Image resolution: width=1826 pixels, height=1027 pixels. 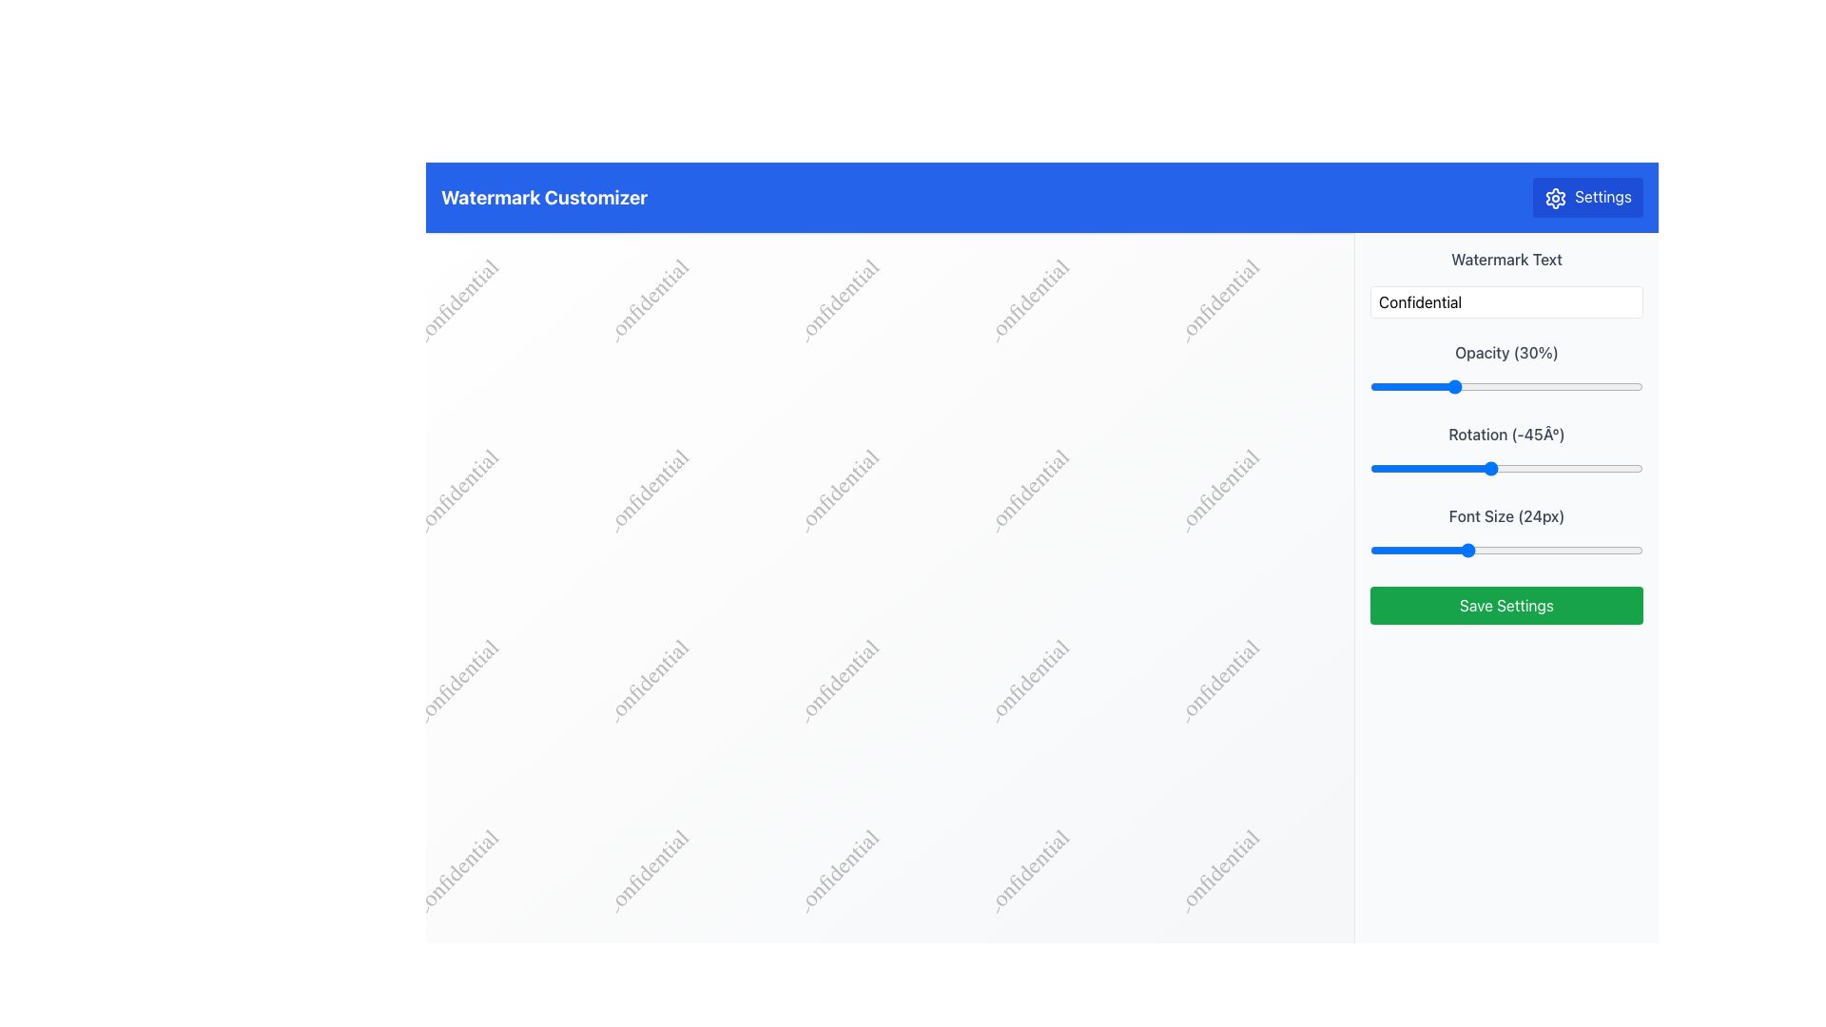 What do you see at coordinates (1369, 385) in the screenshot?
I see `opacity` at bounding box center [1369, 385].